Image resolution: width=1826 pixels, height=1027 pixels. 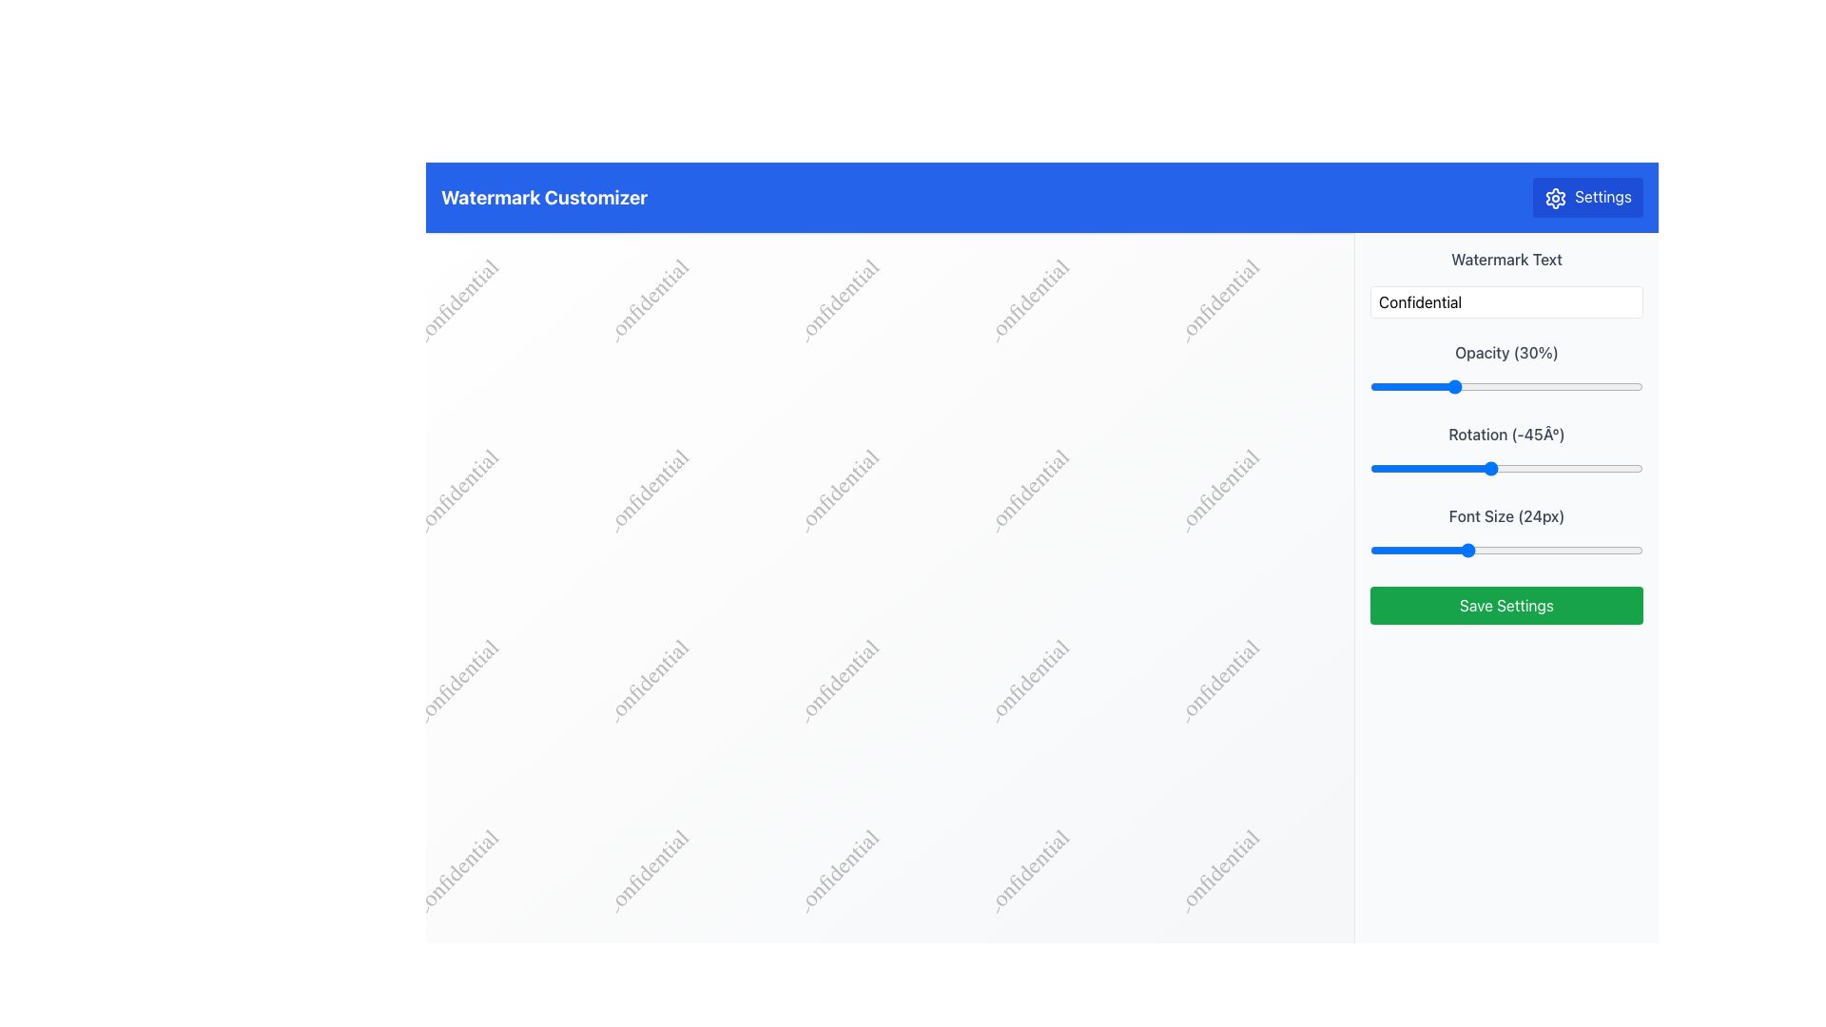 What do you see at coordinates (1369, 385) in the screenshot?
I see `opacity` at bounding box center [1369, 385].